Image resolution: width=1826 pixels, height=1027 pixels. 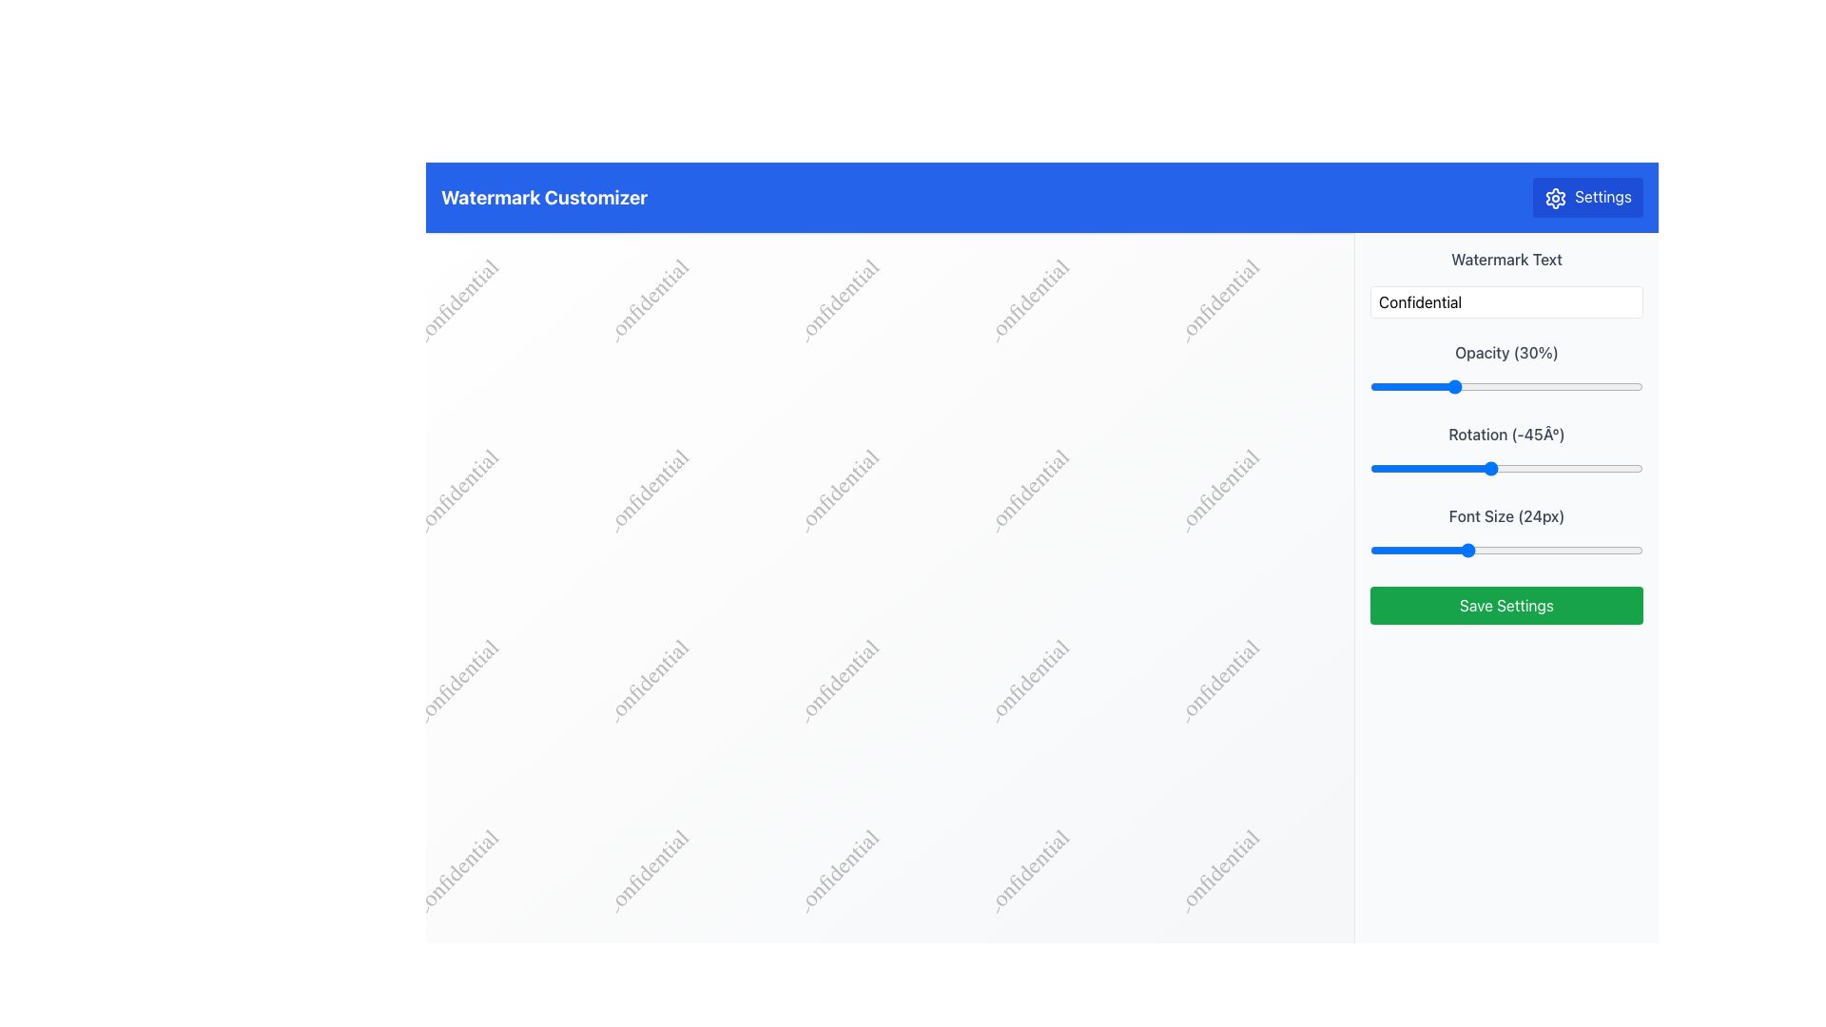 What do you see at coordinates (1369, 385) in the screenshot?
I see `opacity` at bounding box center [1369, 385].